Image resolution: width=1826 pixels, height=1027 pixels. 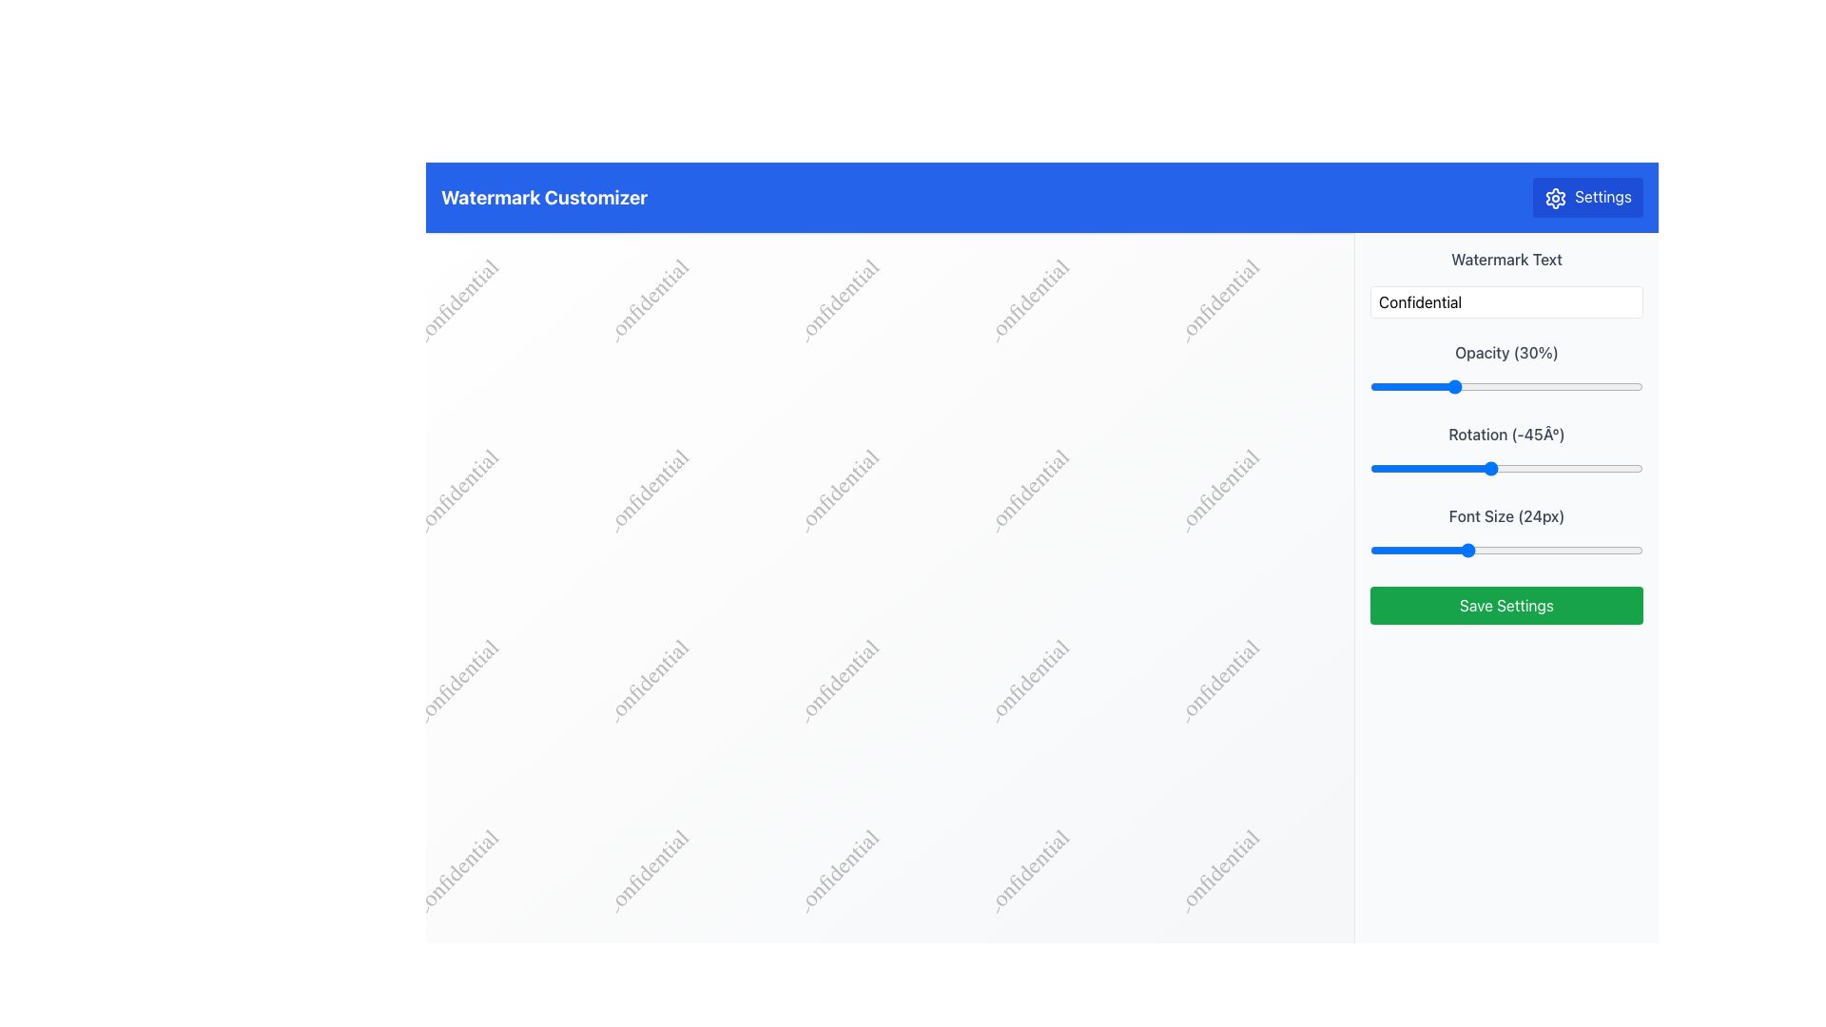 What do you see at coordinates (1369, 385) in the screenshot?
I see `opacity` at bounding box center [1369, 385].